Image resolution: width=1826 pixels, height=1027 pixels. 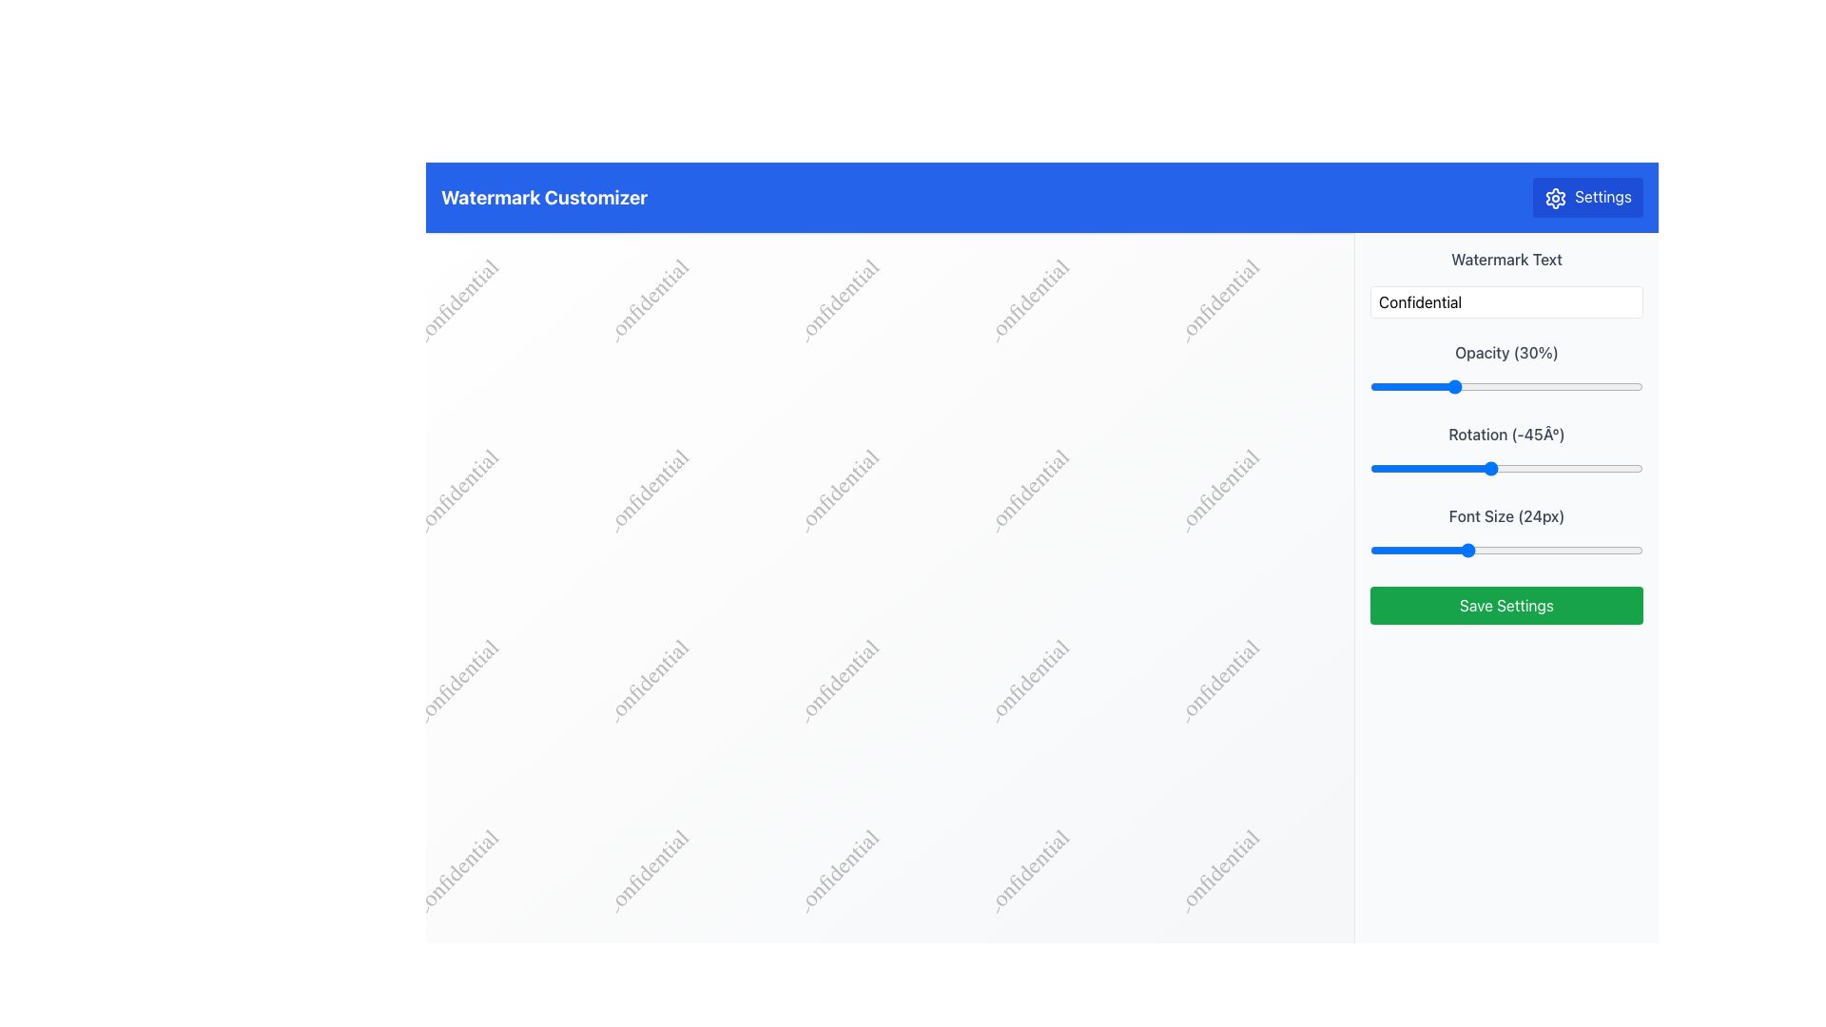 What do you see at coordinates (1369, 385) in the screenshot?
I see `opacity` at bounding box center [1369, 385].